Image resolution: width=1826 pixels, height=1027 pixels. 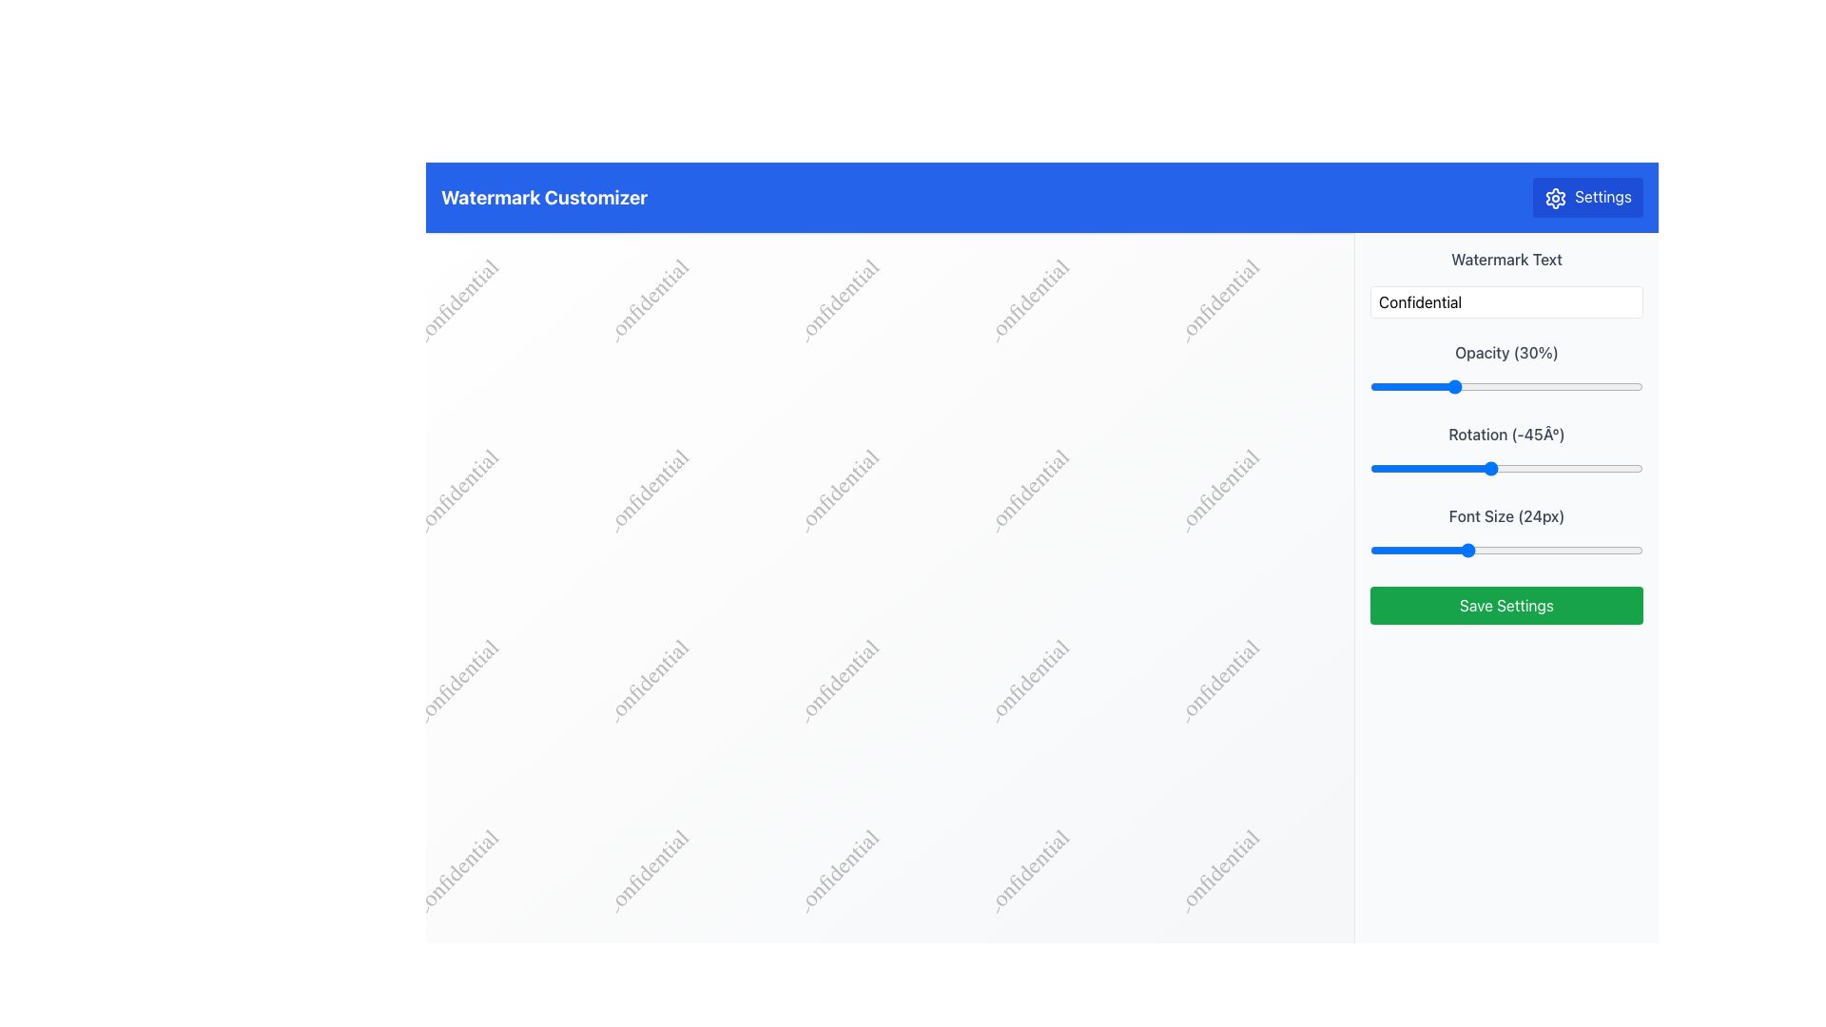 What do you see at coordinates (1369, 385) in the screenshot?
I see `opacity` at bounding box center [1369, 385].